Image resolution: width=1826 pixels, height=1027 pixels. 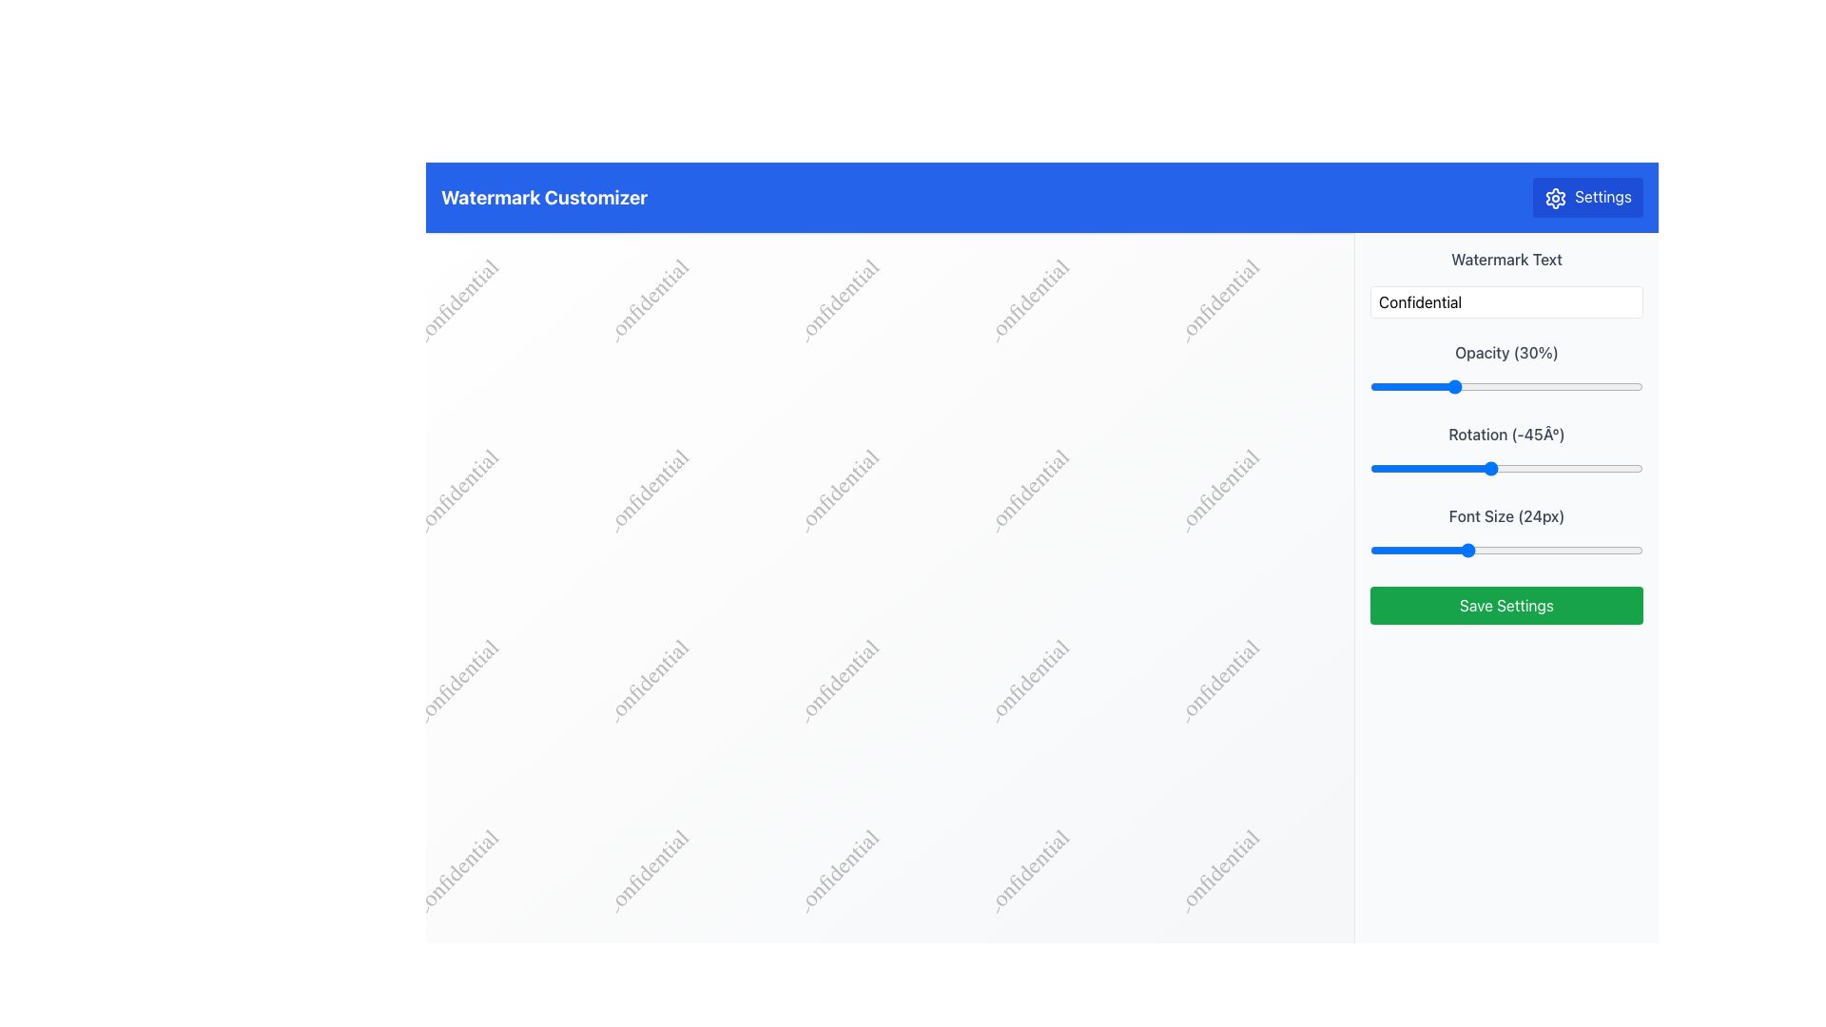 What do you see at coordinates (1369, 385) in the screenshot?
I see `opacity` at bounding box center [1369, 385].